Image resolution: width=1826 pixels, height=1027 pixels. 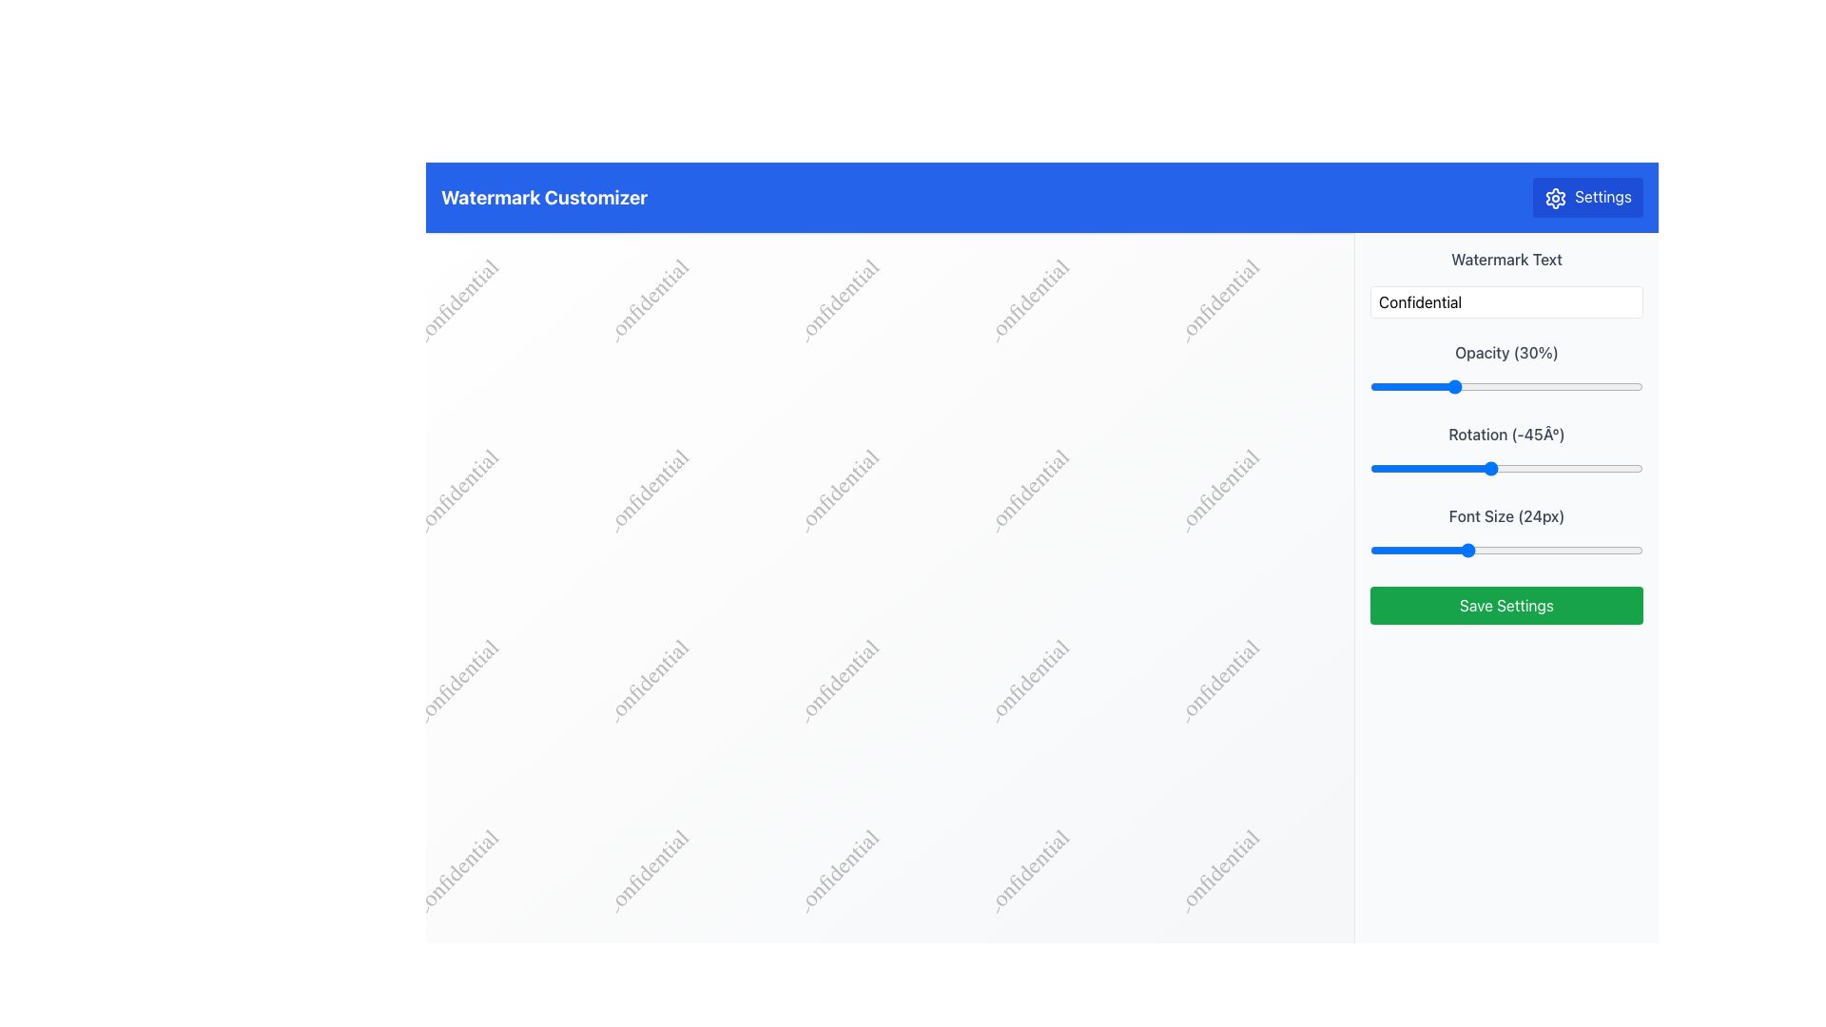 What do you see at coordinates (1369, 385) in the screenshot?
I see `opacity` at bounding box center [1369, 385].